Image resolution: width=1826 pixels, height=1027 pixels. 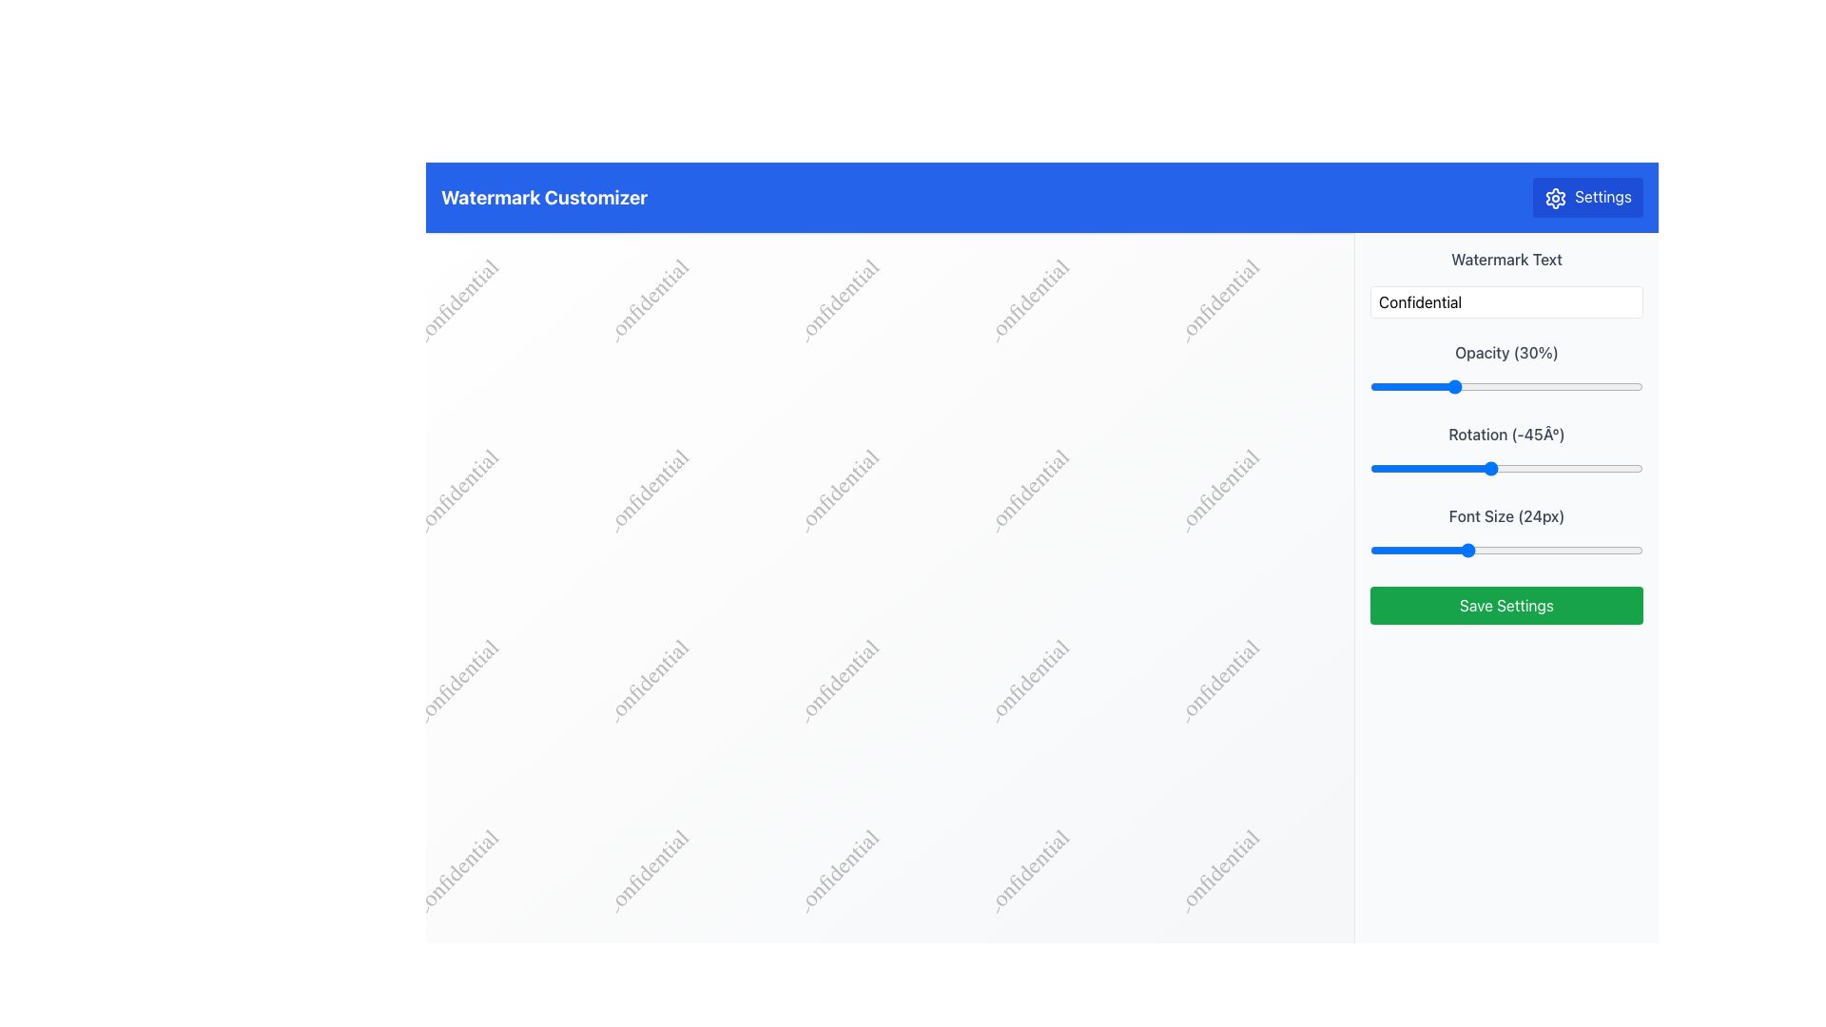 What do you see at coordinates (1369, 385) in the screenshot?
I see `opacity` at bounding box center [1369, 385].